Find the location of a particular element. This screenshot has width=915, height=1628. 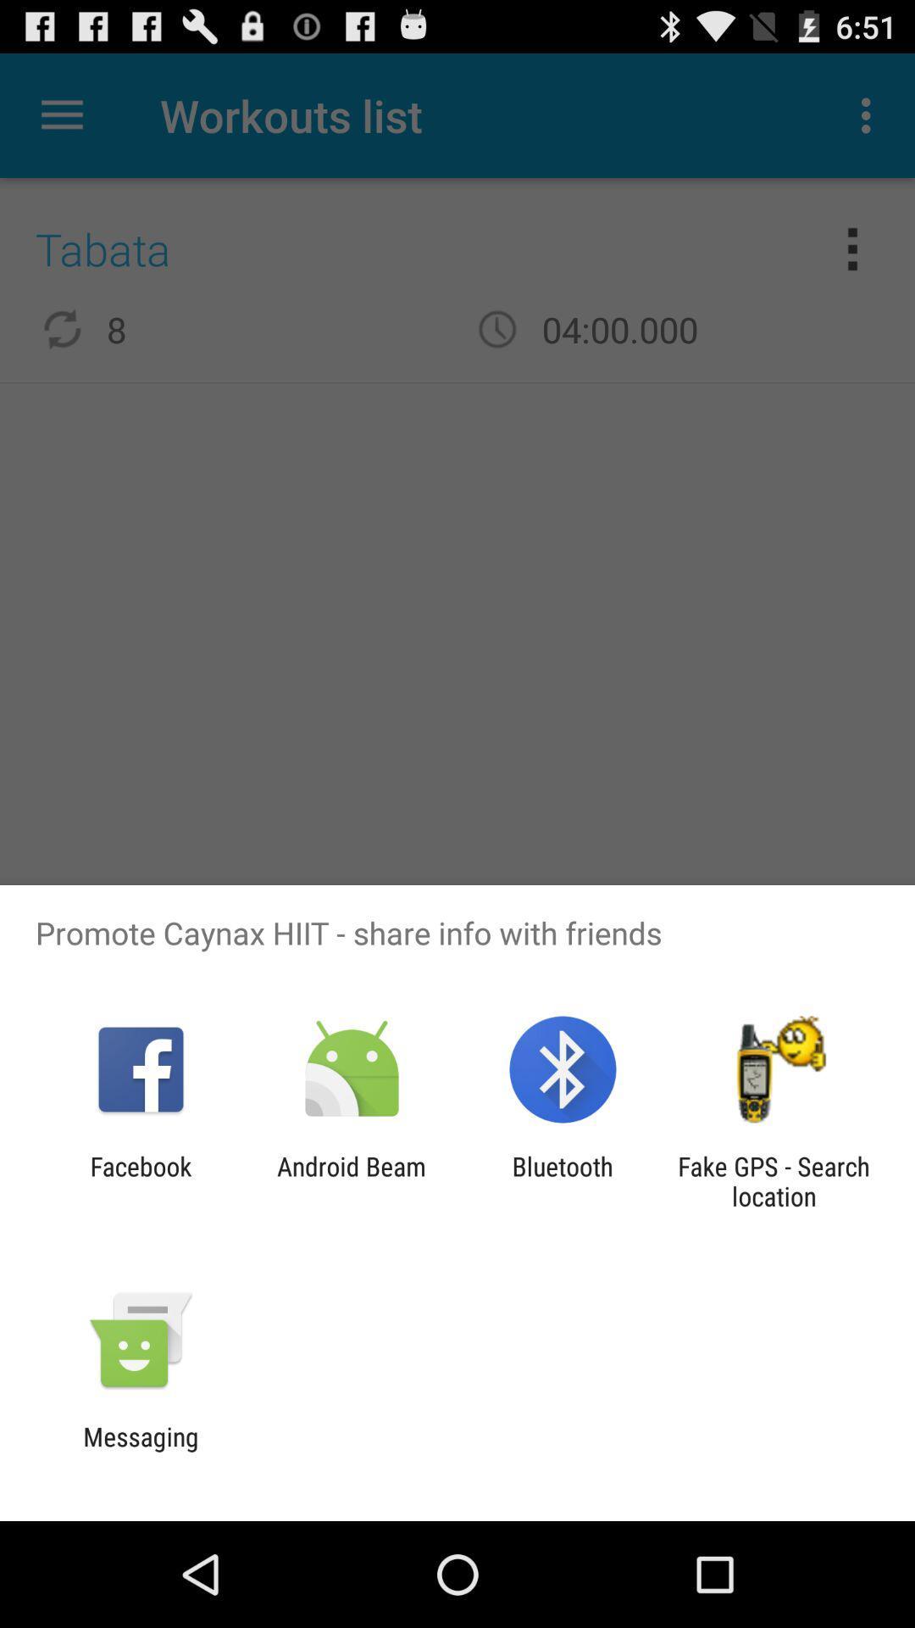

bluetooth icon is located at coordinates (563, 1180).